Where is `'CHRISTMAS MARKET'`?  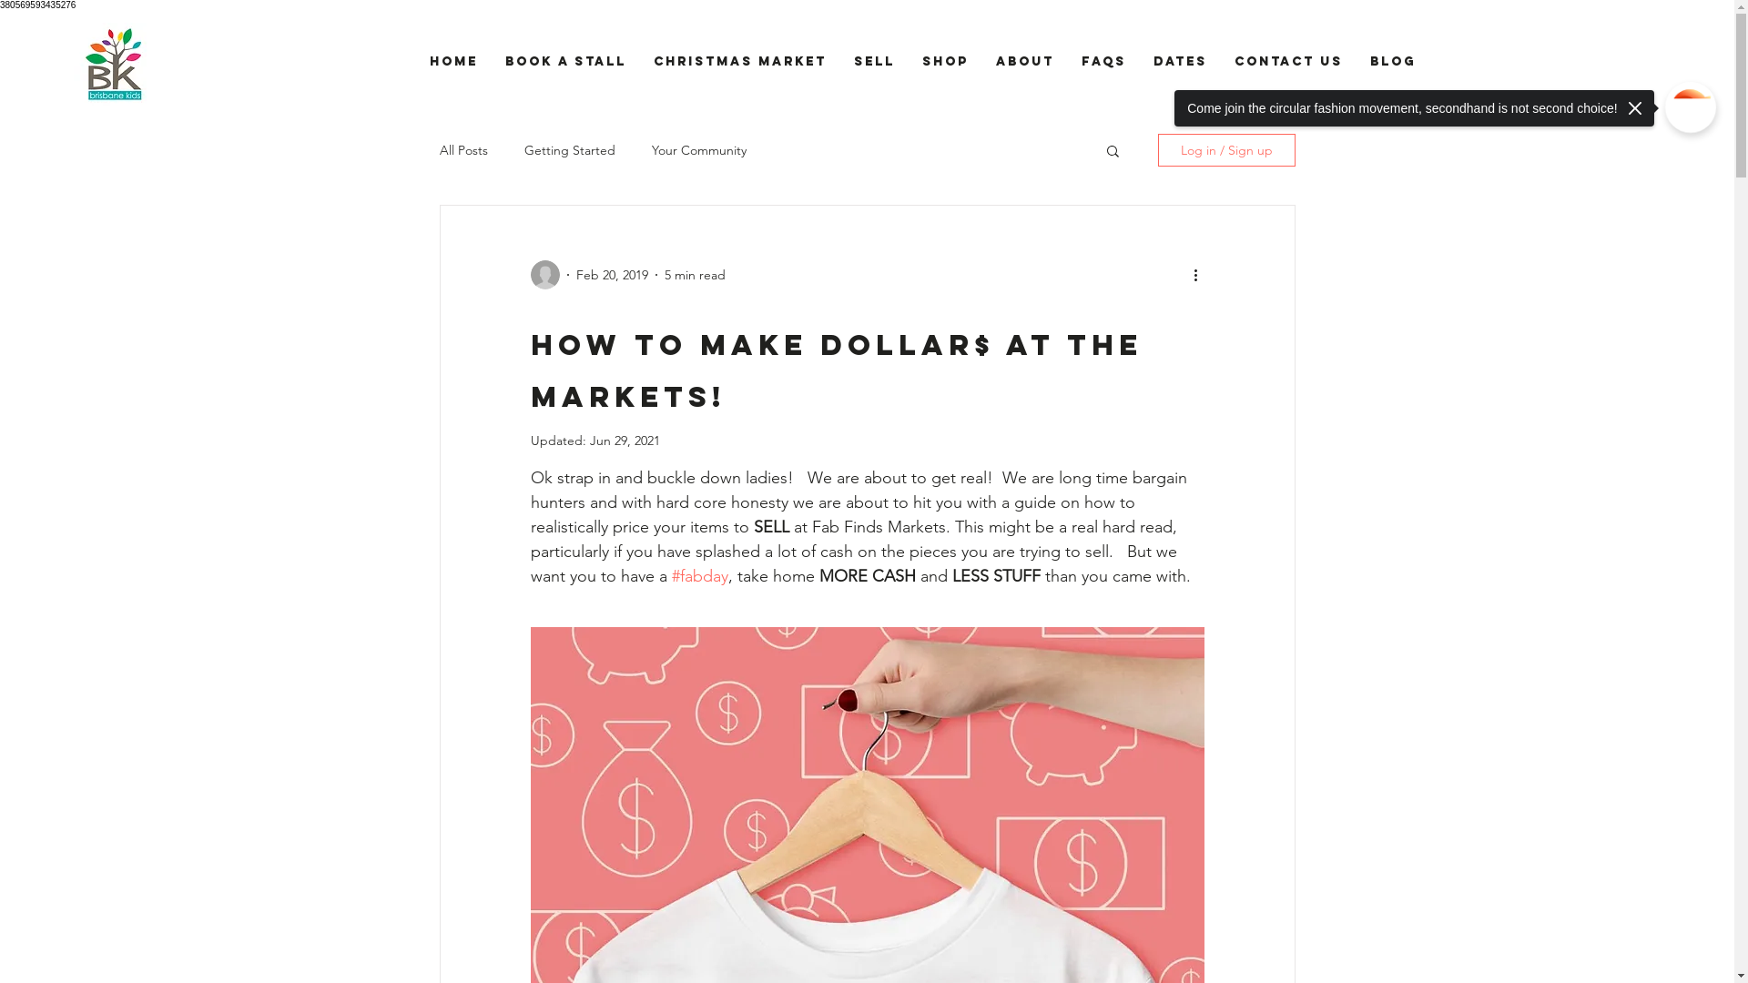 'CHRISTMAS MARKET' is located at coordinates (738, 61).